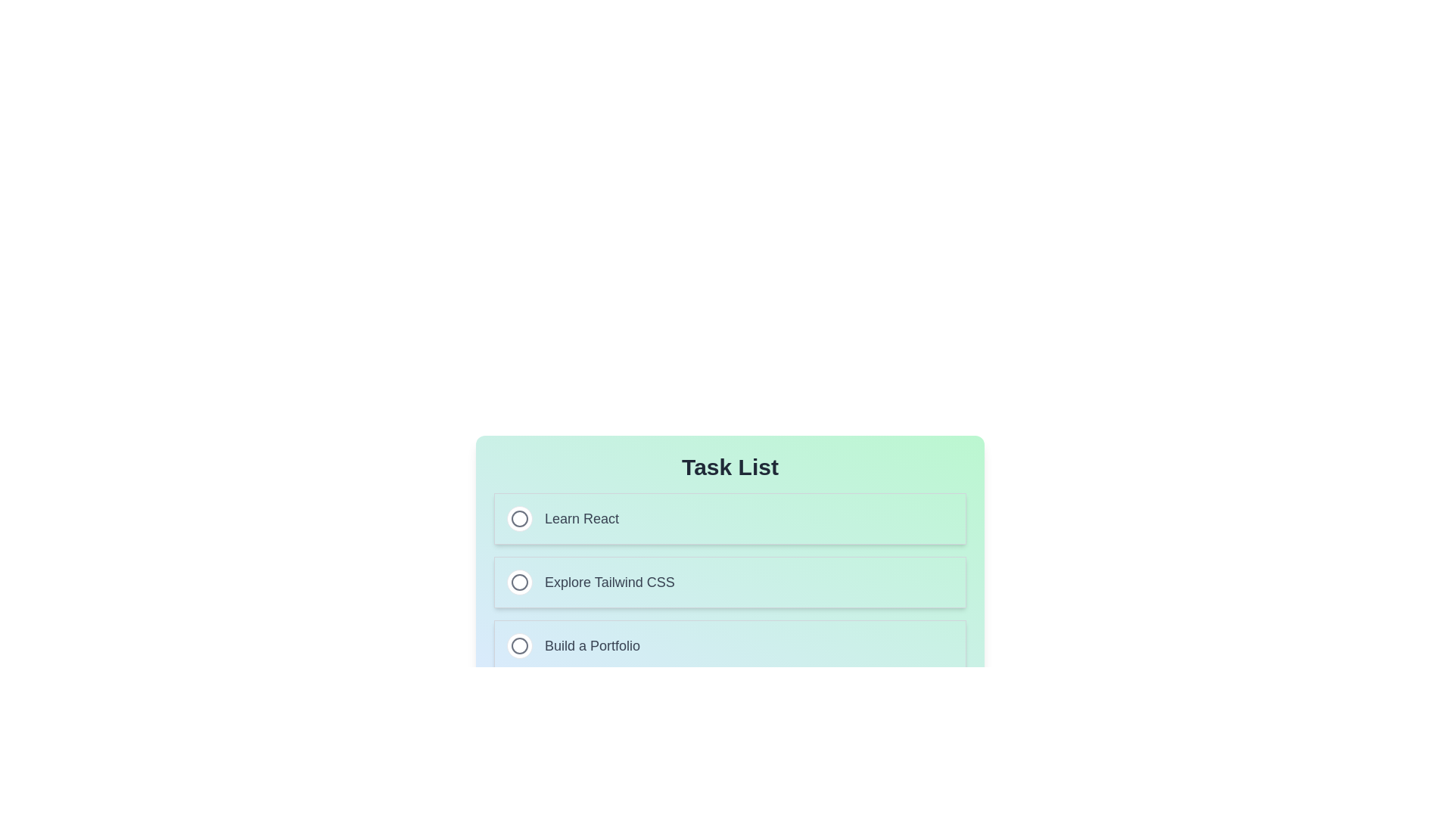 The width and height of the screenshot is (1453, 817). What do you see at coordinates (519, 645) in the screenshot?
I see `the circular indicator icon` at bounding box center [519, 645].